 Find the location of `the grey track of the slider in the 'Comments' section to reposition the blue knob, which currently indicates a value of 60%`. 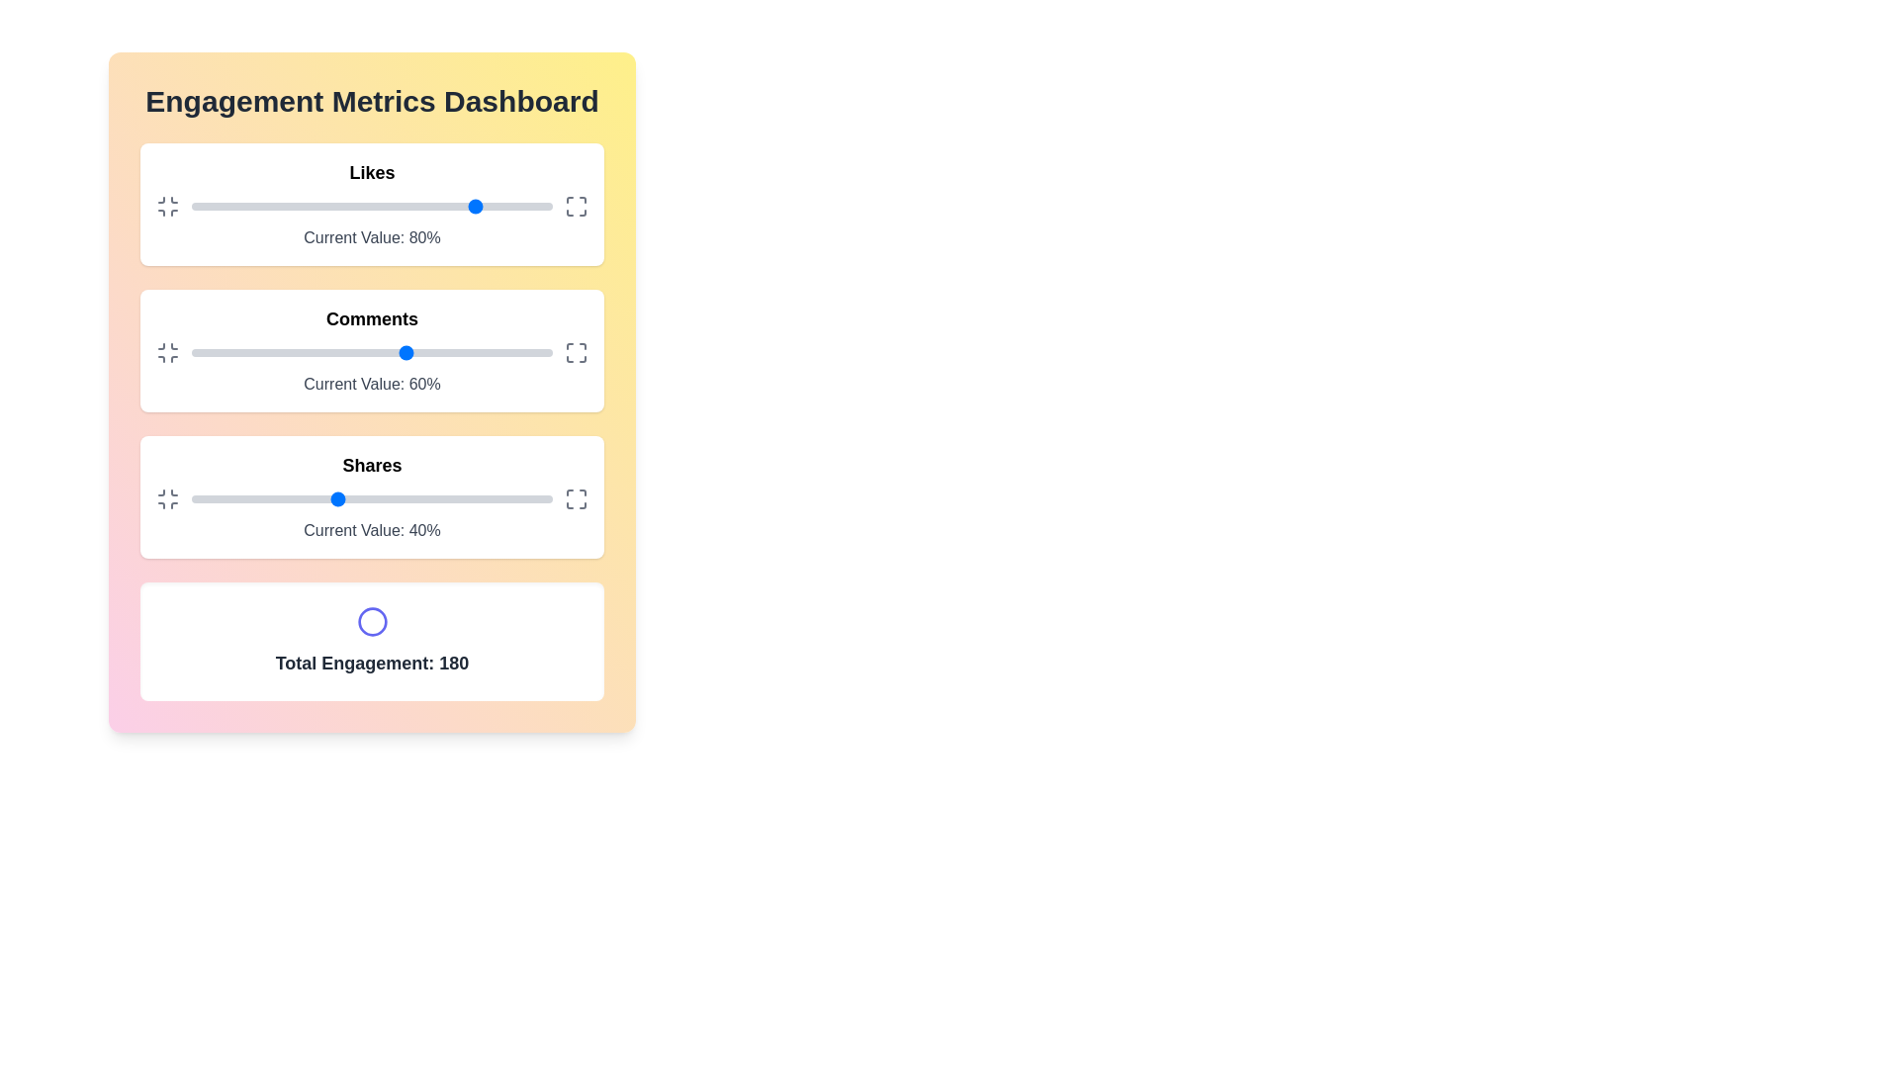

the grey track of the slider in the 'Comments' section to reposition the blue knob, which currently indicates a value of 60% is located at coordinates (372, 352).